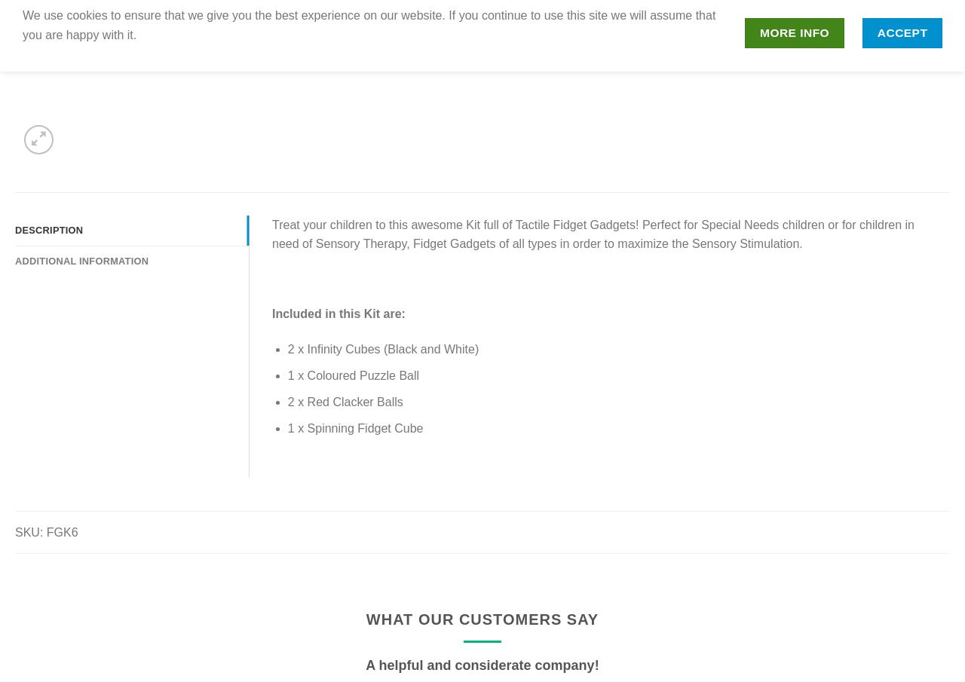 The width and height of the screenshot is (965, 682). I want to click on 'More info', so click(793, 32).